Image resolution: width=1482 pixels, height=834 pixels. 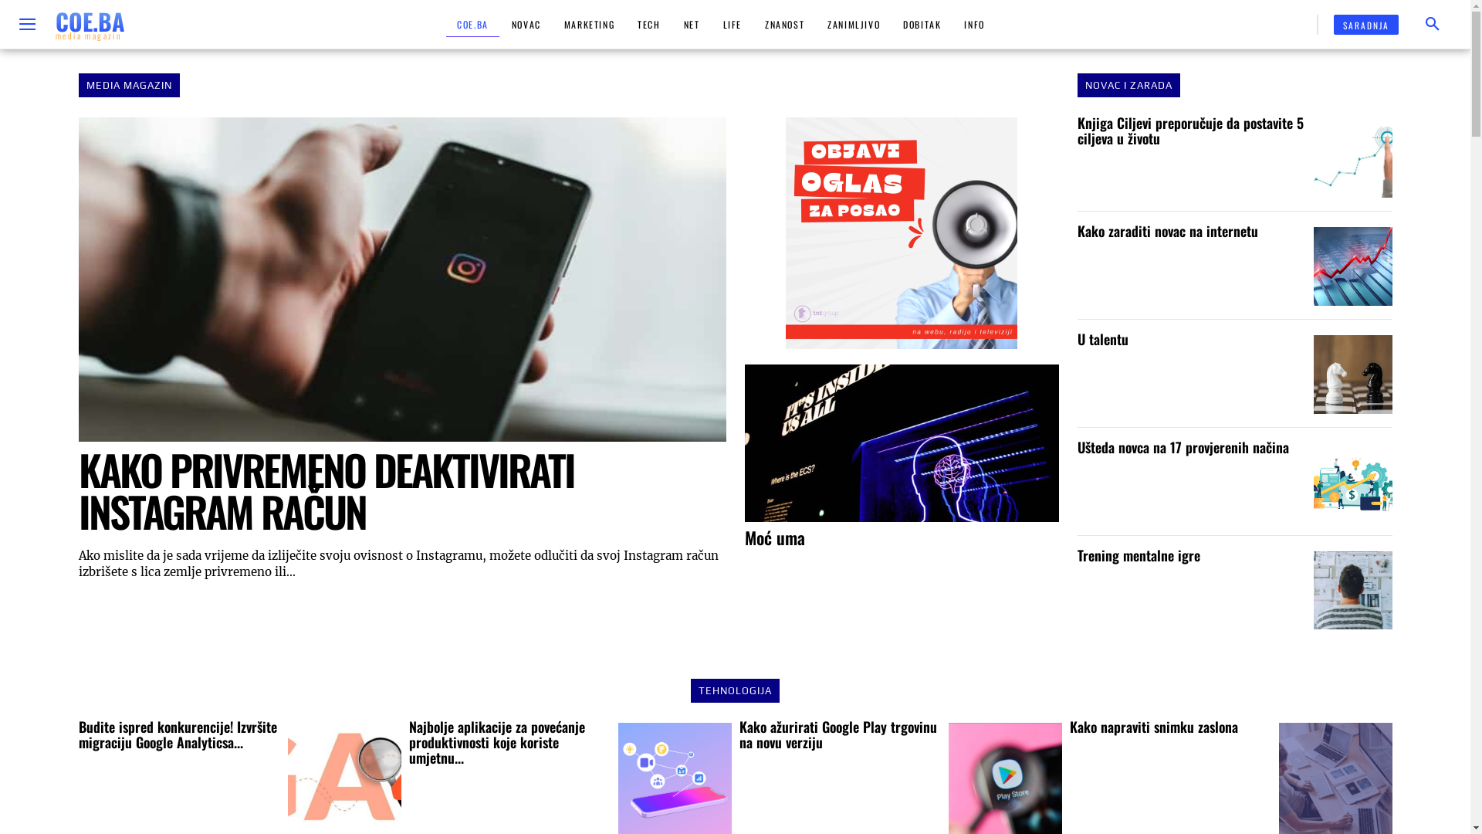 I want to click on 'COE.BA, so click(x=56, y=24).